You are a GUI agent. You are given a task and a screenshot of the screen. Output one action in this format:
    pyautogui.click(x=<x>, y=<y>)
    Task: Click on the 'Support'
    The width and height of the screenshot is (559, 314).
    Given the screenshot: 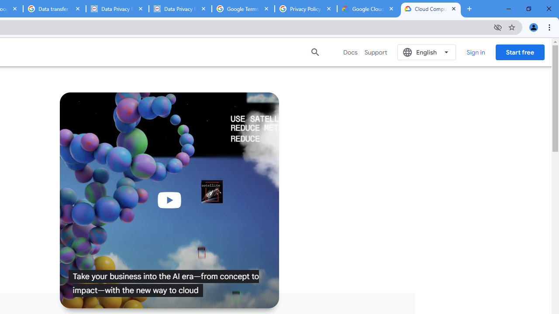 What is the action you would take?
    pyautogui.click(x=376, y=52)
    